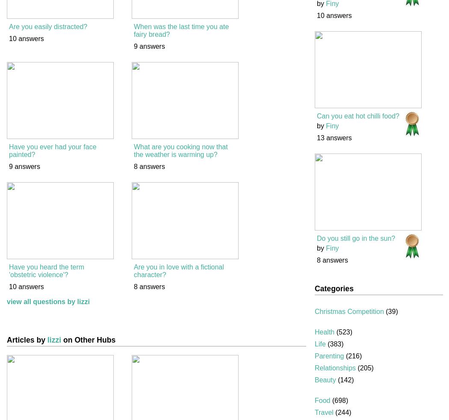 The height and width of the screenshot is (420, 449). I want to click on 'on Other Hubs', so click(88, 340).